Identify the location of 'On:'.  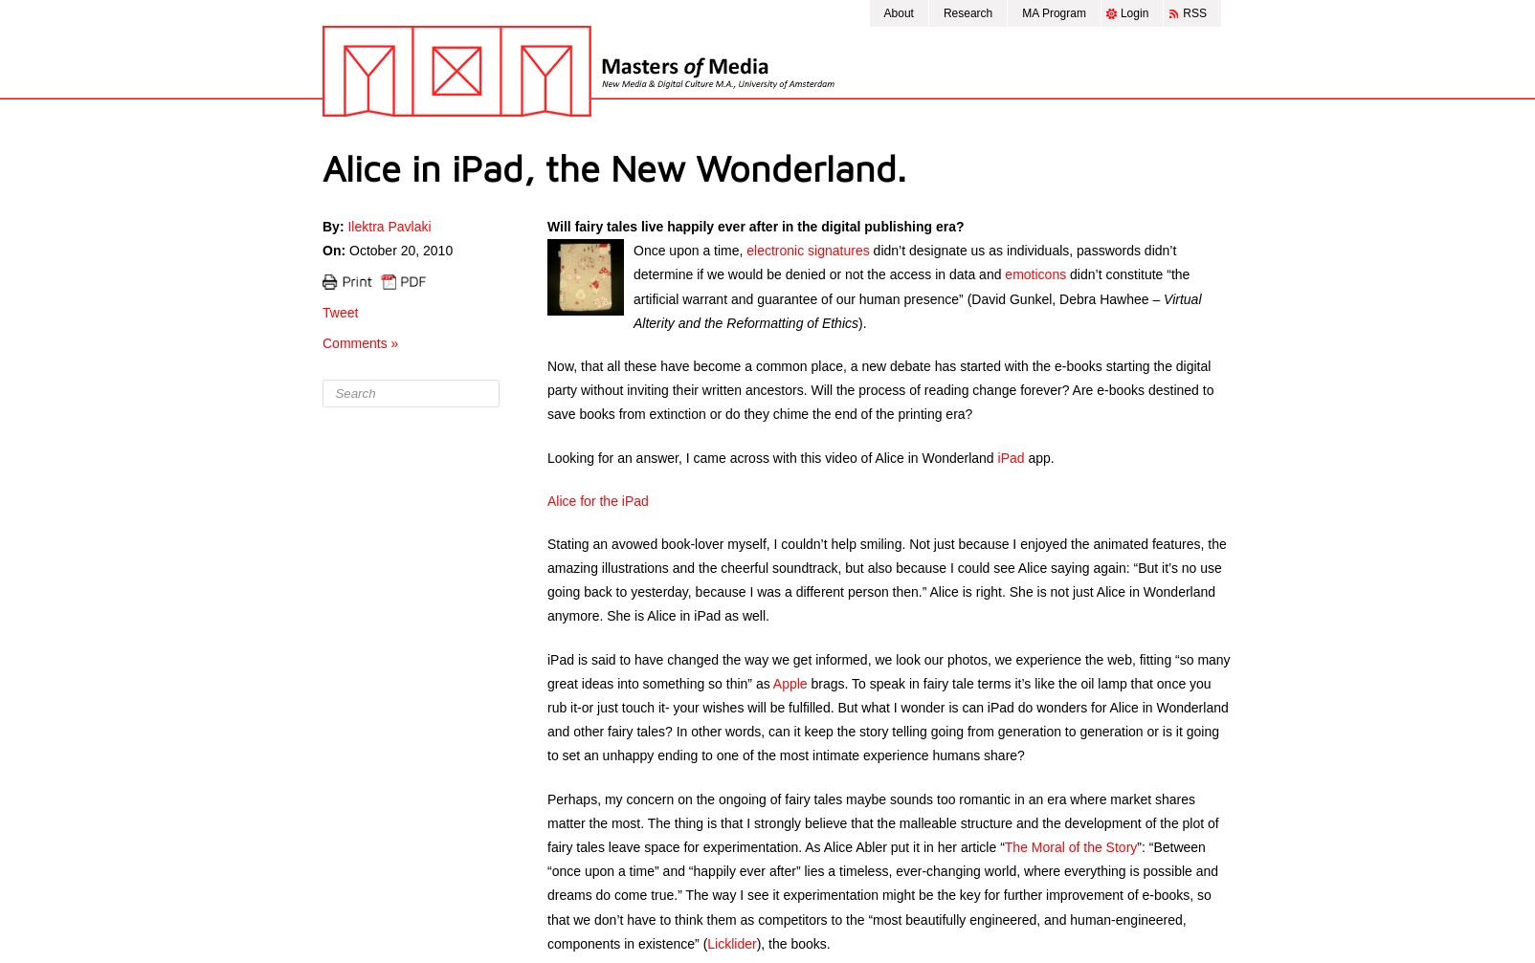
(334, 251).